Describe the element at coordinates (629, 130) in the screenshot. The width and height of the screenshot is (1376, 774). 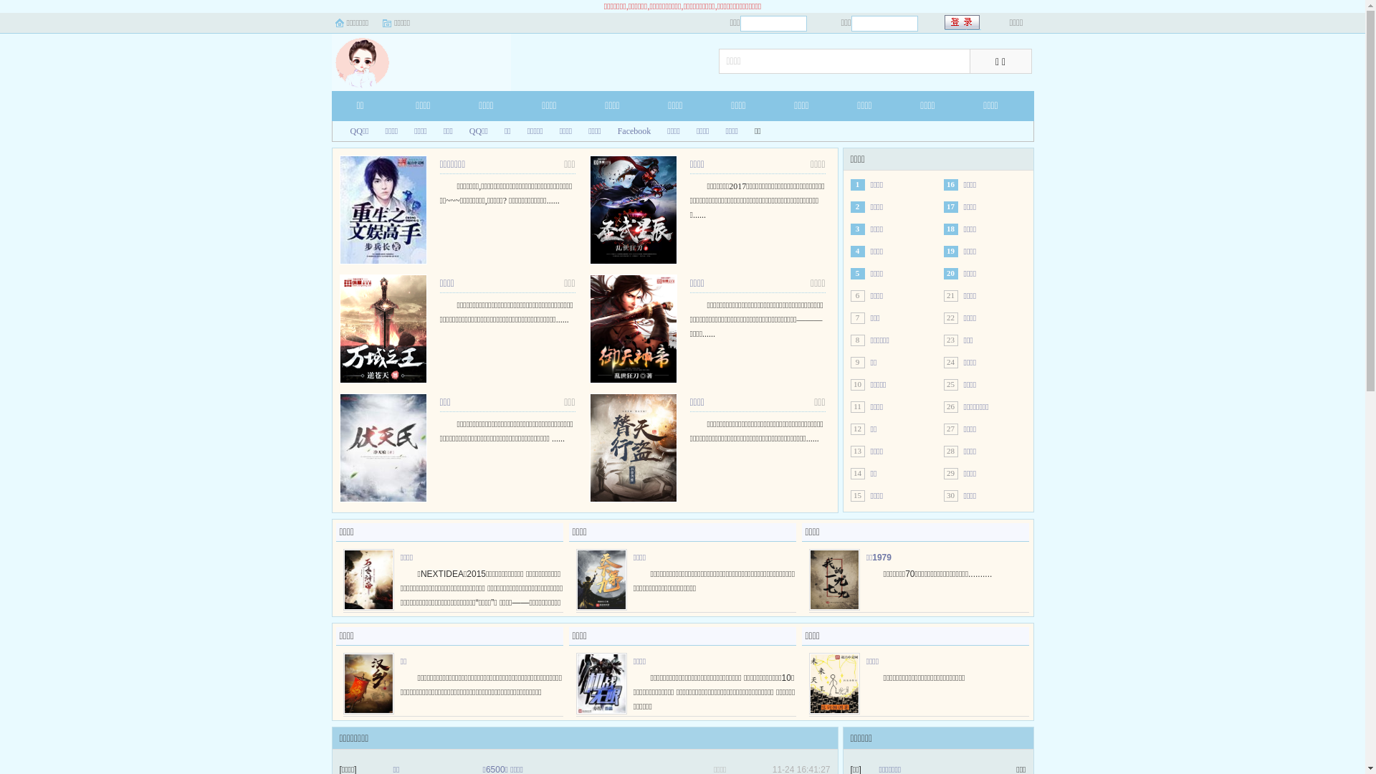
I see `'Facebook'` at that location.